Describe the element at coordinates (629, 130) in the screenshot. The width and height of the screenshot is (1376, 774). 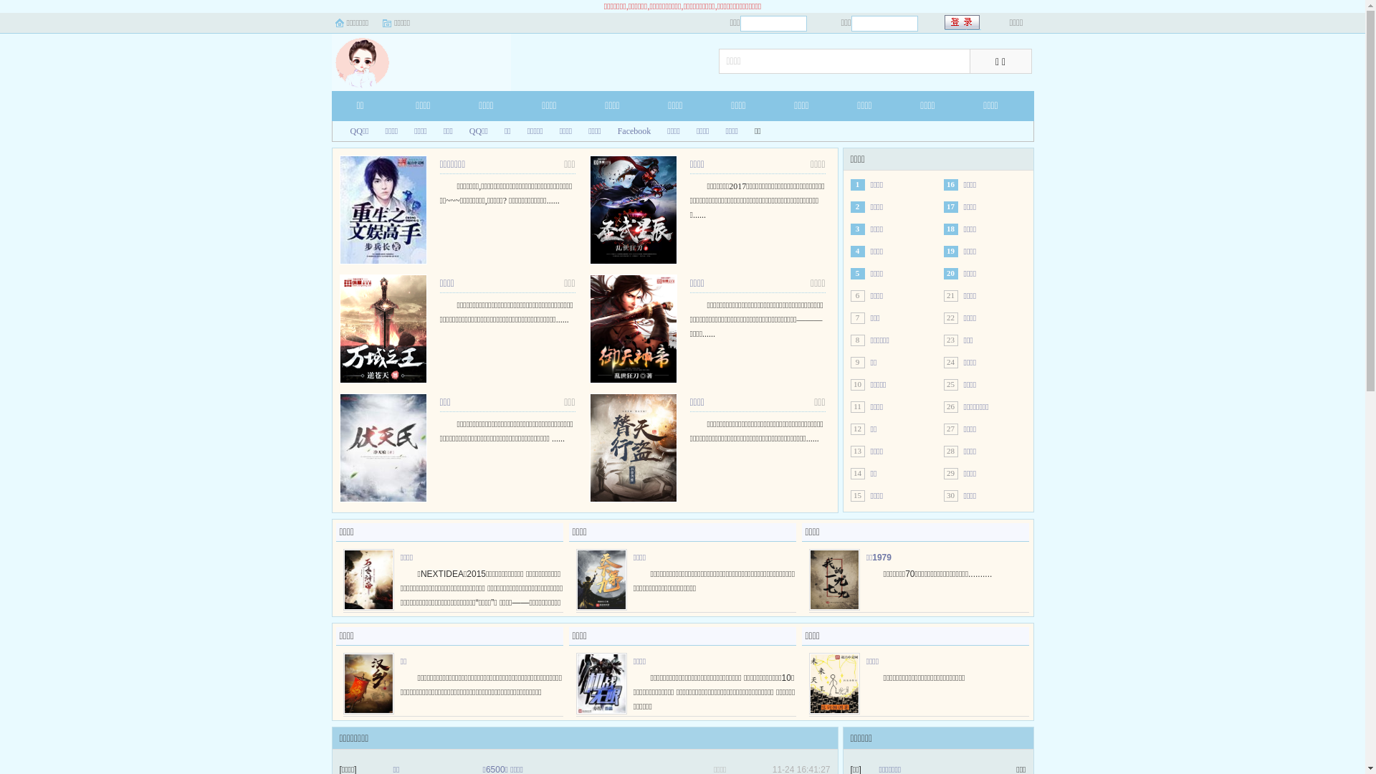
I see `'Facebook'` at that location.